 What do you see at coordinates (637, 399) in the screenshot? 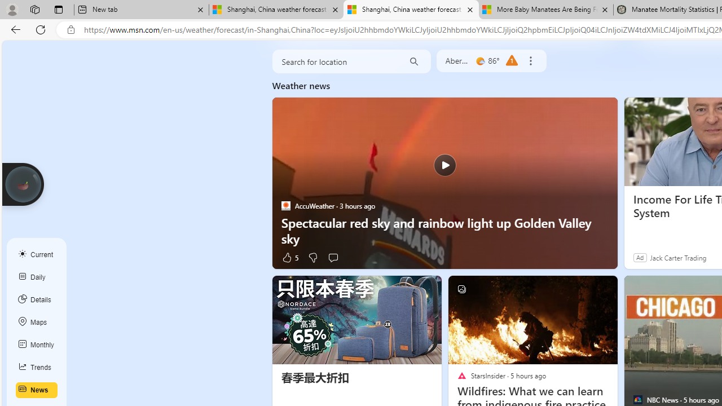
I see `'NBC News'` at bounding box center [637, 399].